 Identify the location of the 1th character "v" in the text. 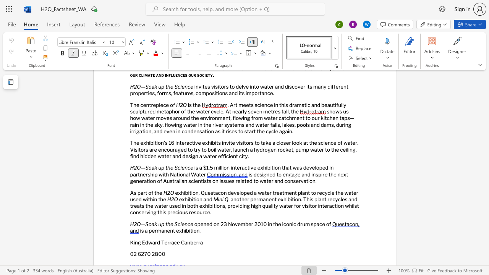
(235, 192).